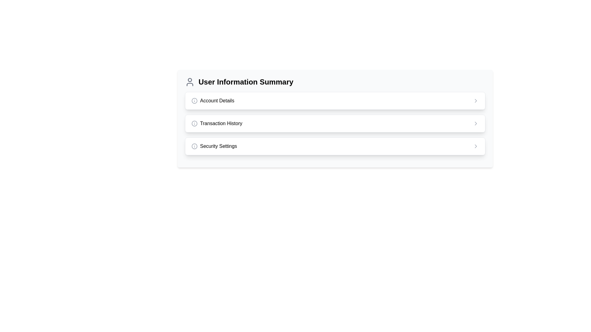 The width and height of the screenshot is (591, 332). What do you see at coordinates (475, 123) in the screenshot?
I see `the chevron-shaped right arrow icon located at the right end of the 'Security Settings' list item in the 'User Information Summary' section` at bounding box center [475, 123].